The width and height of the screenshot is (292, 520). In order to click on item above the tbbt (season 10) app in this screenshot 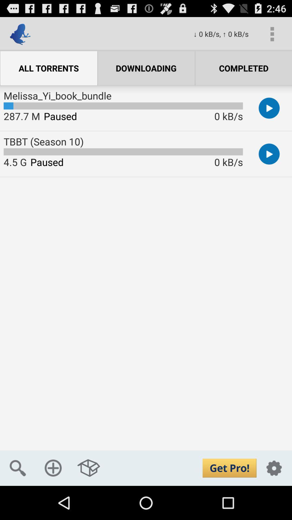, I will do `click(22, 116)`.